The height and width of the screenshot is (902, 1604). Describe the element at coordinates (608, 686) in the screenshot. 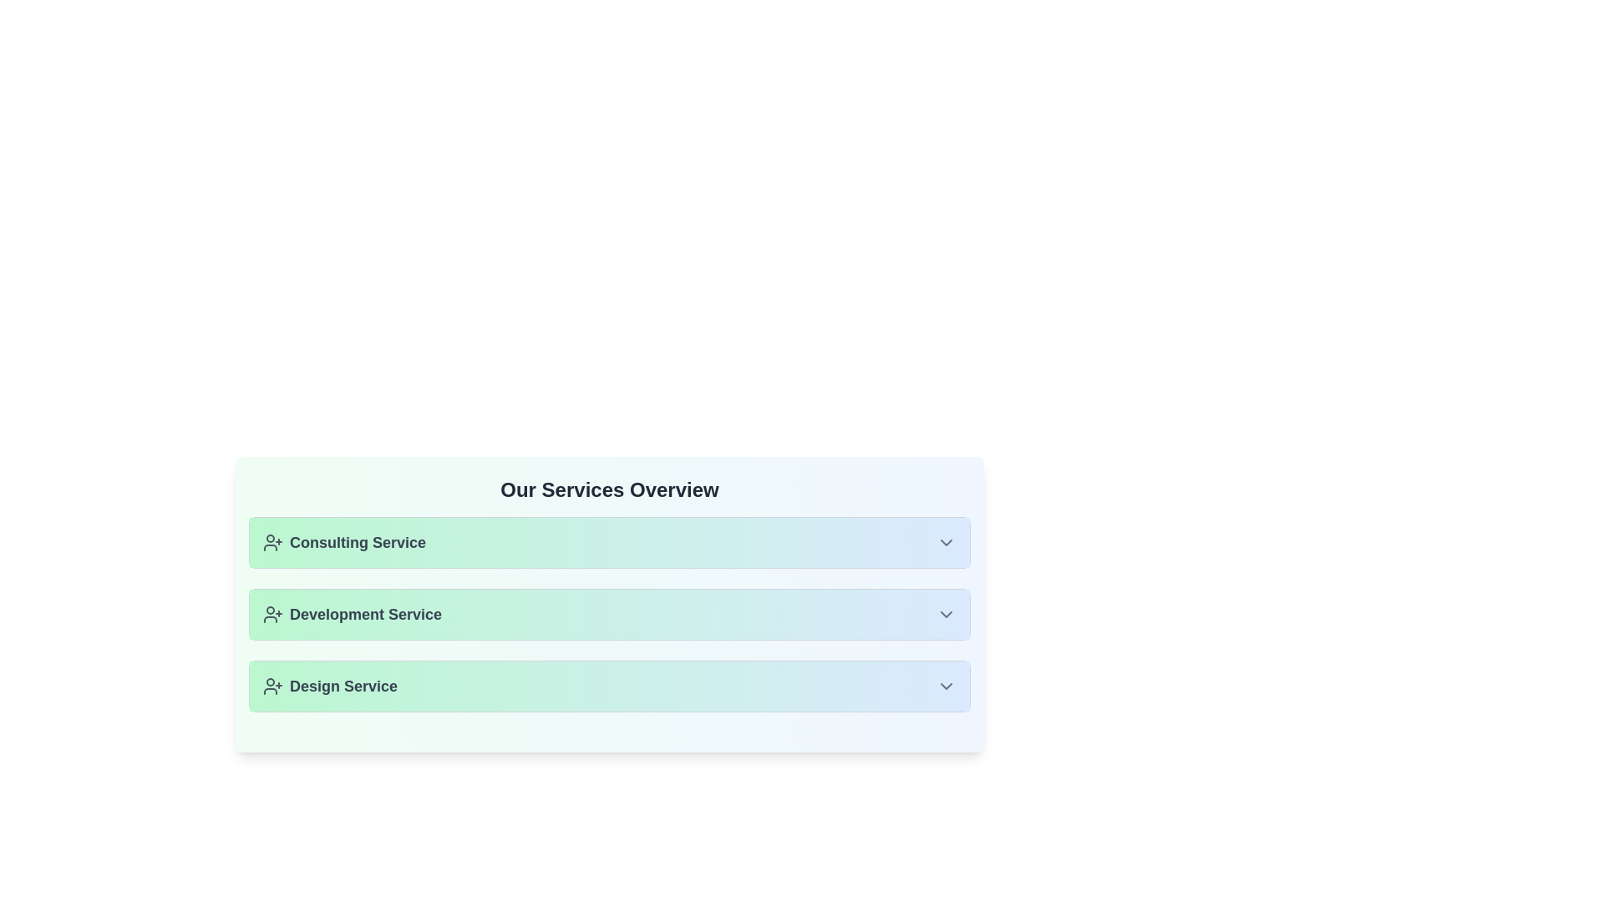

I see `the 'Design Service' expandable menu item` at that location.